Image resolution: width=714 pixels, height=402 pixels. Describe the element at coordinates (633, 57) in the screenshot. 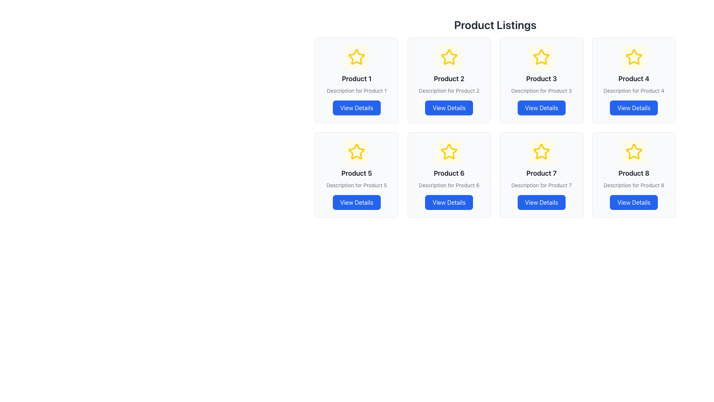

I see `the star icon located above the product title in the 'Product 4' card in the 'Product Listings' section` at that location.